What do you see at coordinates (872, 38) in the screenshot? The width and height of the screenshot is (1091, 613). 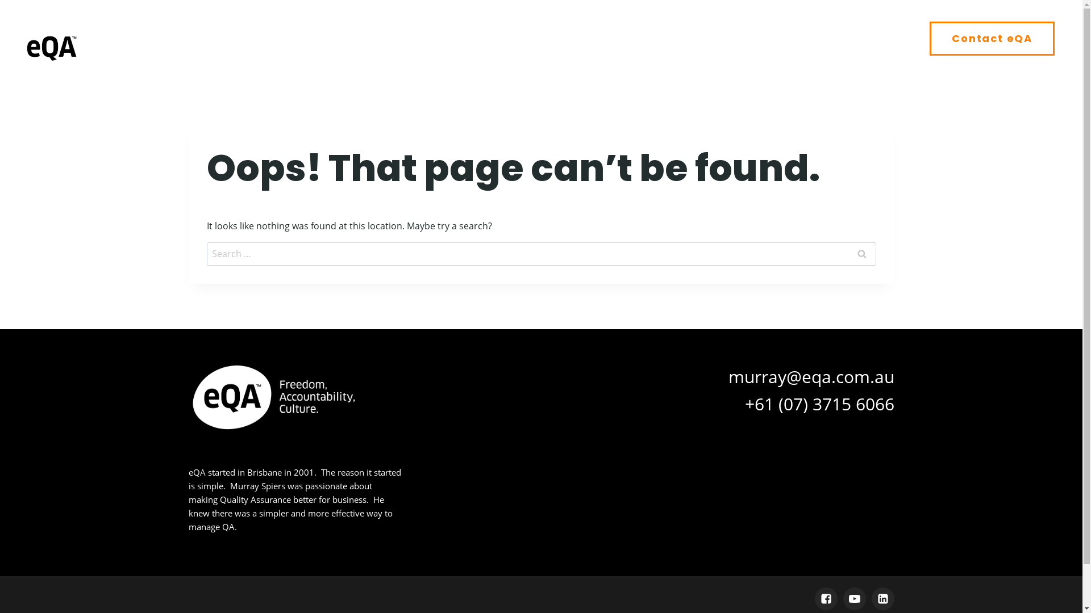 I see `'Resources'` at bounding box center [872, 38].